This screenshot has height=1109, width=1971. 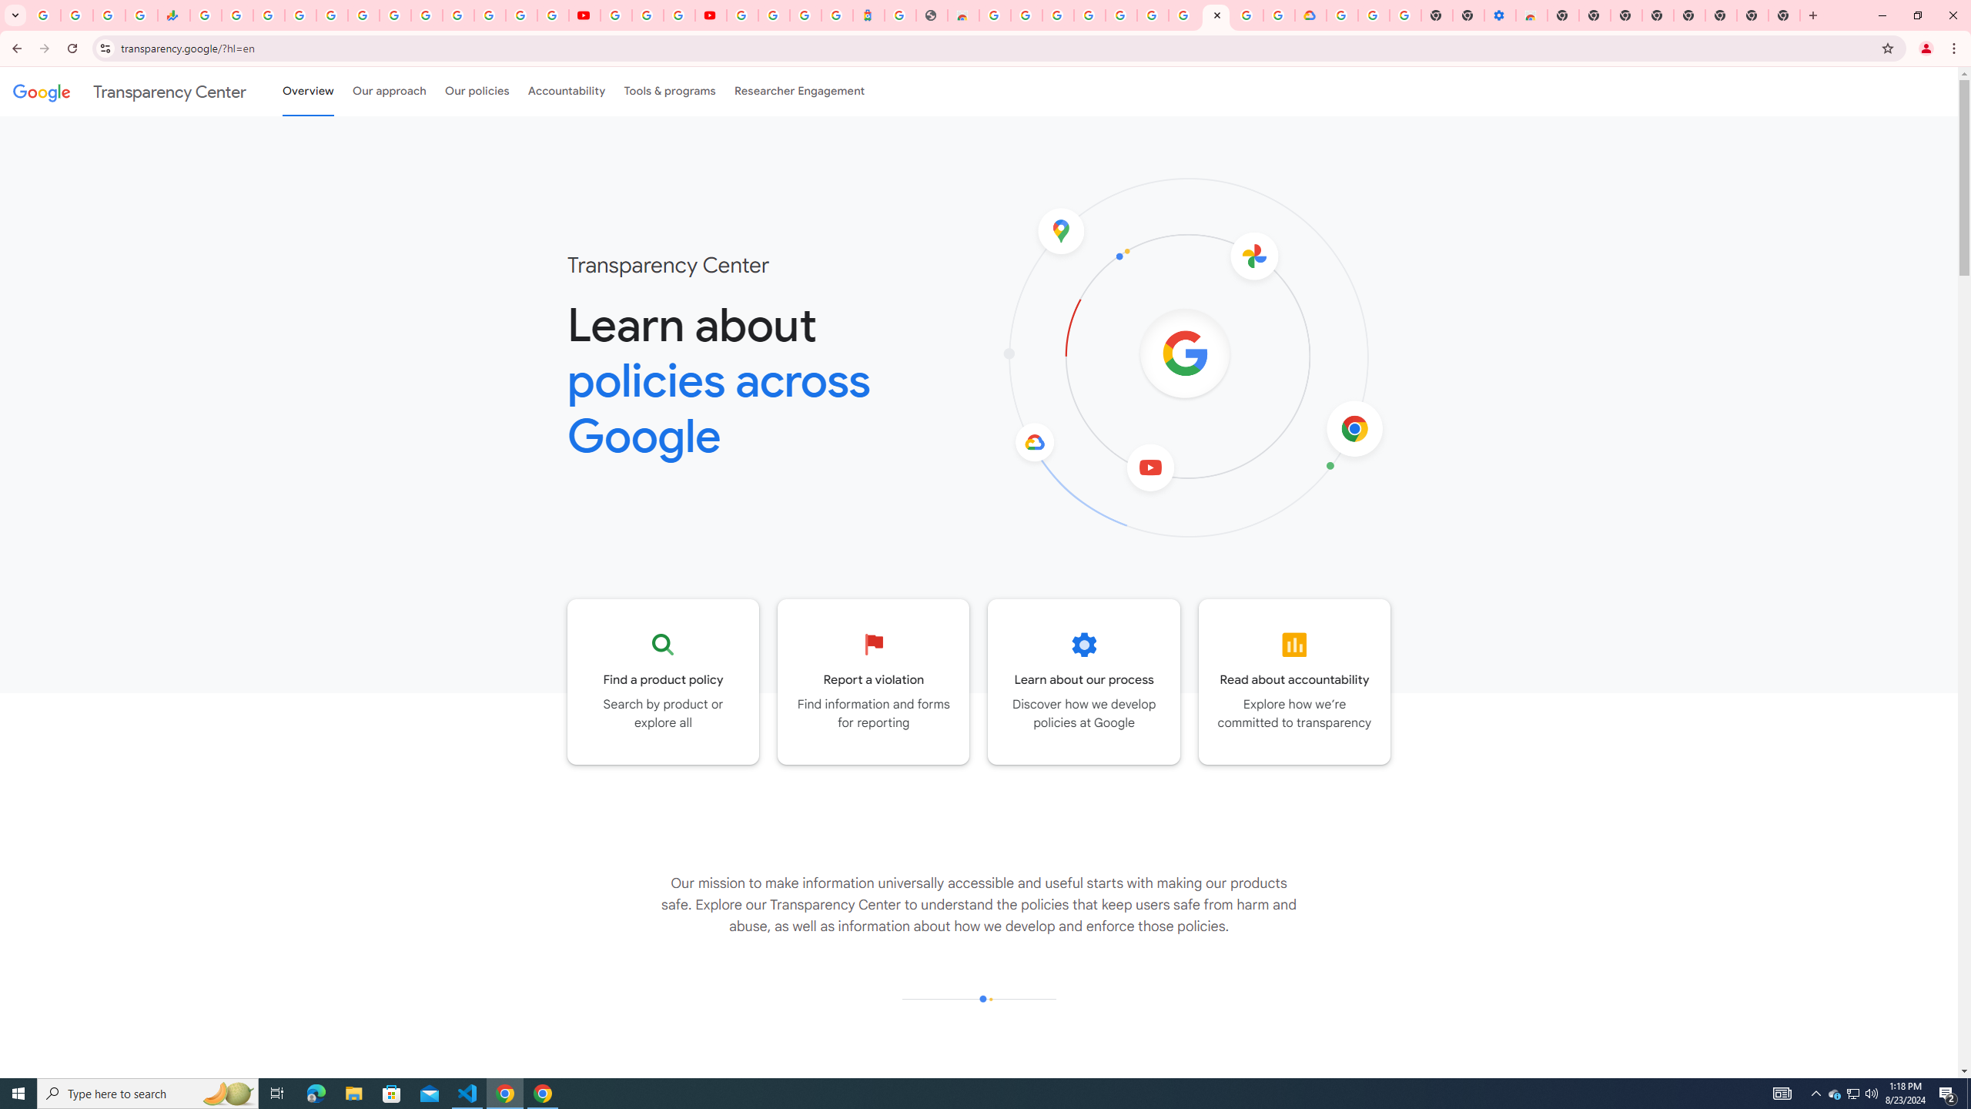 I want to click on 'Overview', so click(x=307, y=91).